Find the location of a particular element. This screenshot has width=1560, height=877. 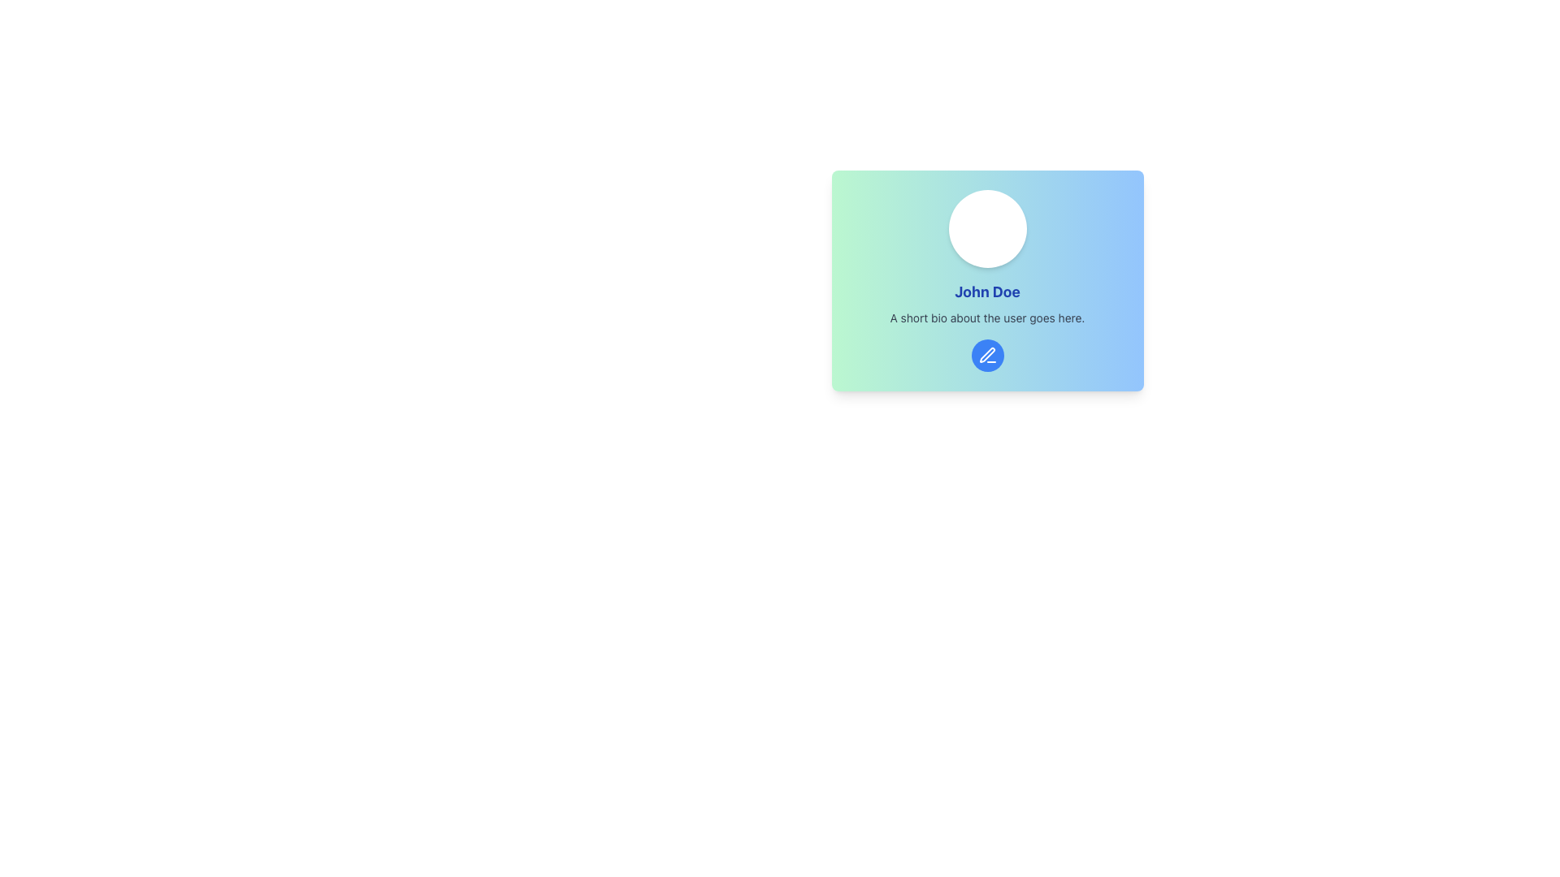

the descriptive text element that reads 'A short bio about the user goes here.' positioned below the name 'John Doe.' is located at coordinates (986, 318).